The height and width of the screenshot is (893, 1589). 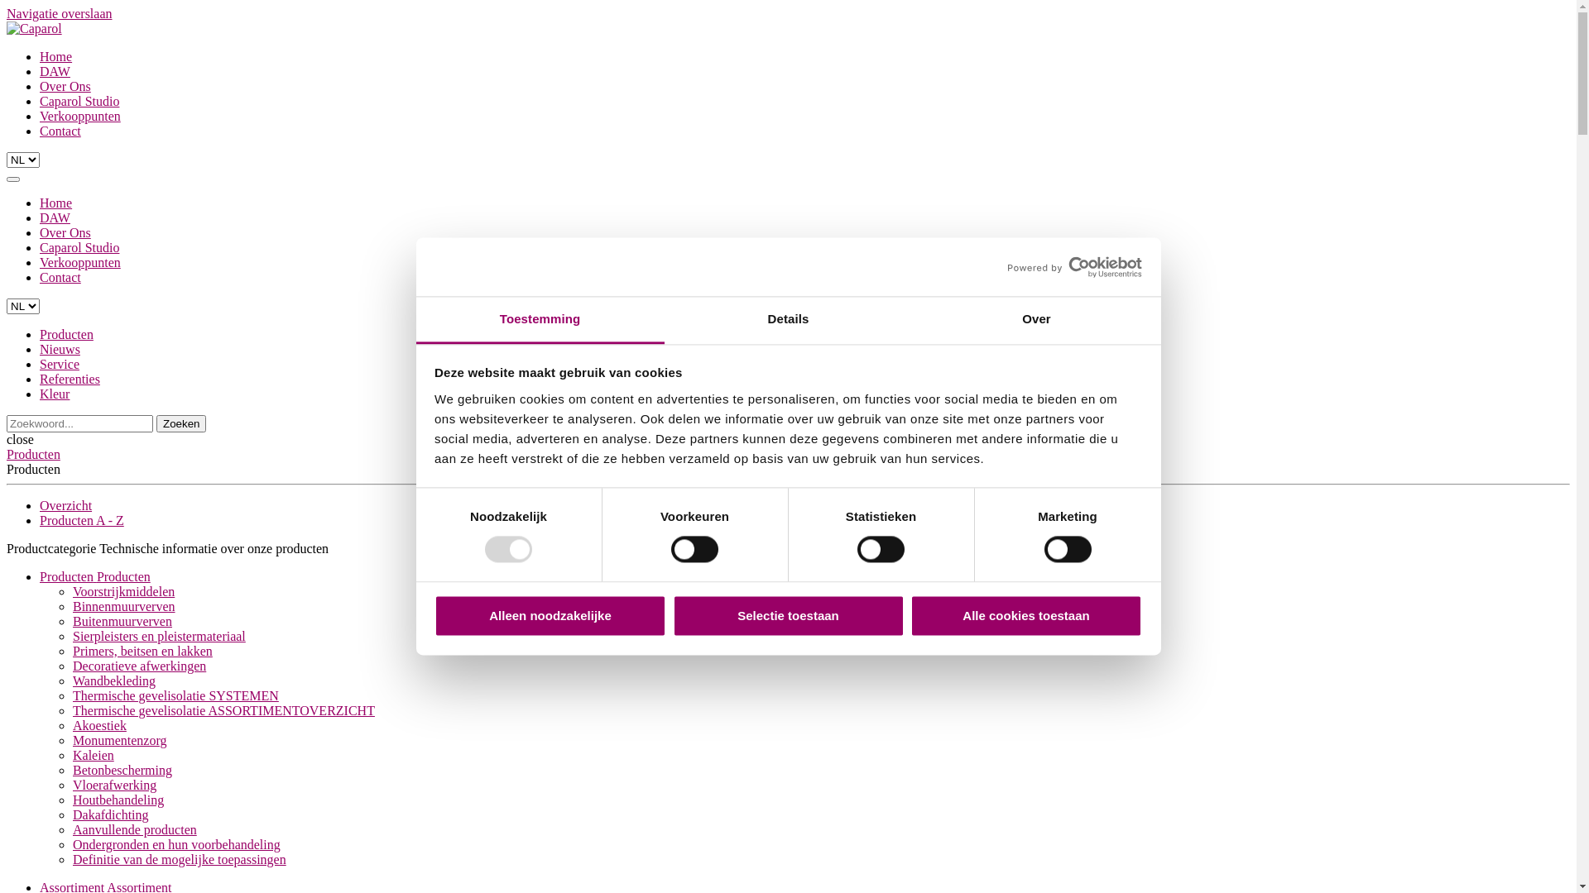 I want to click on 'Producten', so click(x=66, y=334).